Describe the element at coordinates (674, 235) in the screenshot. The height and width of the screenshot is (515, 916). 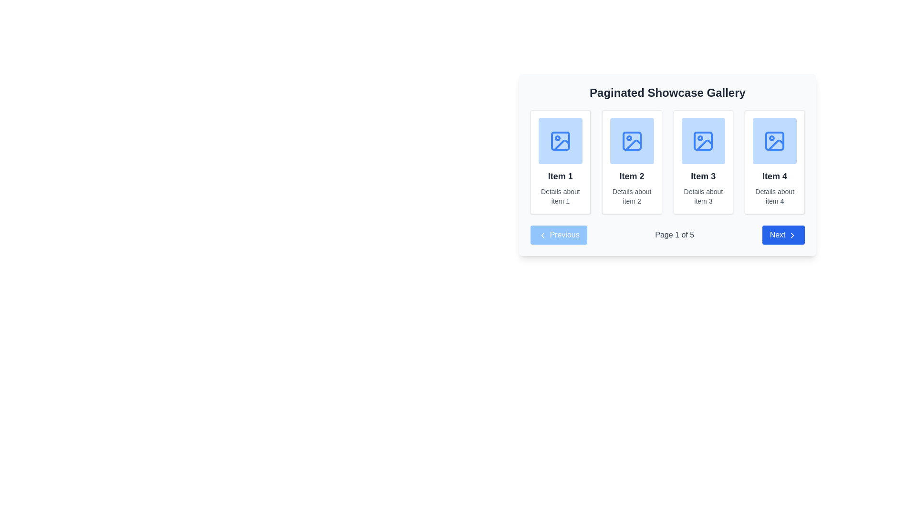
I see `the text label that reads 'Page 1 of 5' located in the footer section of the pagination controls between the 'Previous' and 'Next' buttons` at that location.